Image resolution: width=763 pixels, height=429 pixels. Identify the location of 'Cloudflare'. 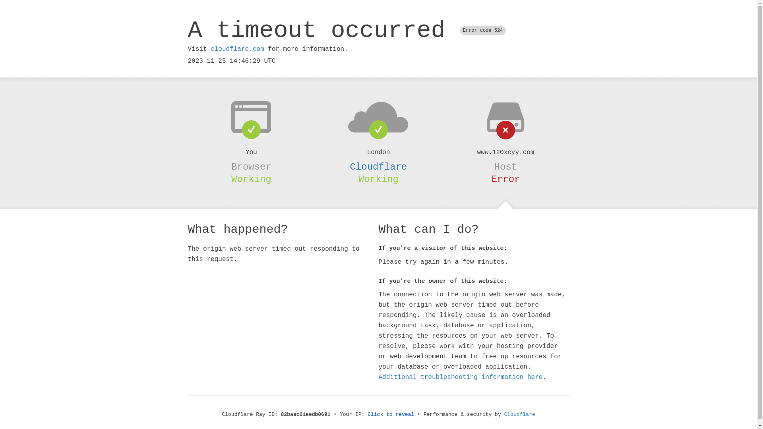
(519, 414).